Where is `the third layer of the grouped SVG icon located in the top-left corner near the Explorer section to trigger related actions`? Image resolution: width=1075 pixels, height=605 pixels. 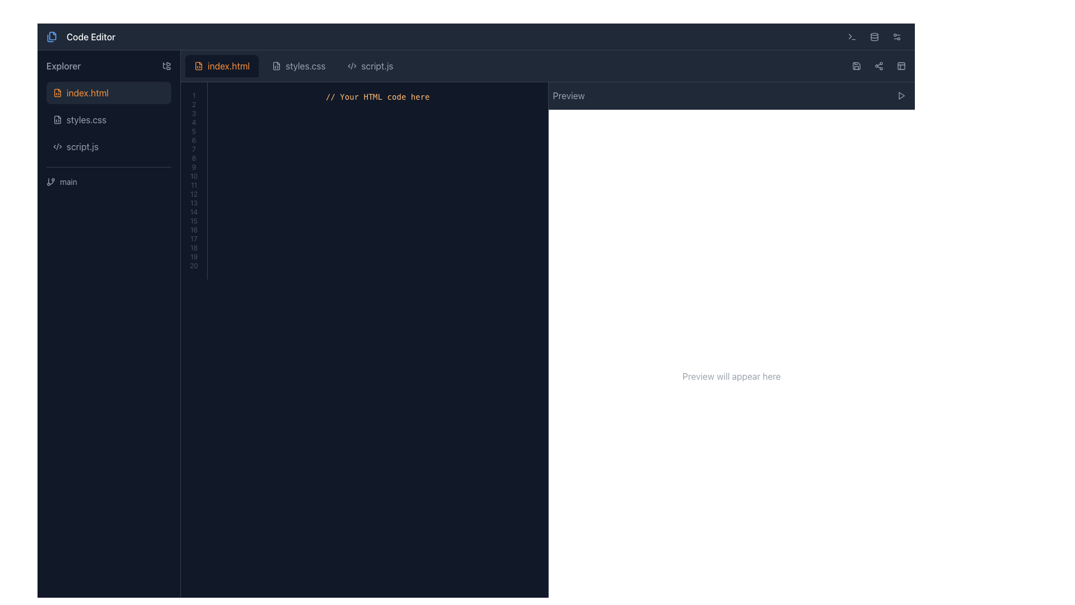 the third layer of the grouped SVG icon located in the top-left corner near the Explorer section to trigger related actions is located at coordinates (50, 37).